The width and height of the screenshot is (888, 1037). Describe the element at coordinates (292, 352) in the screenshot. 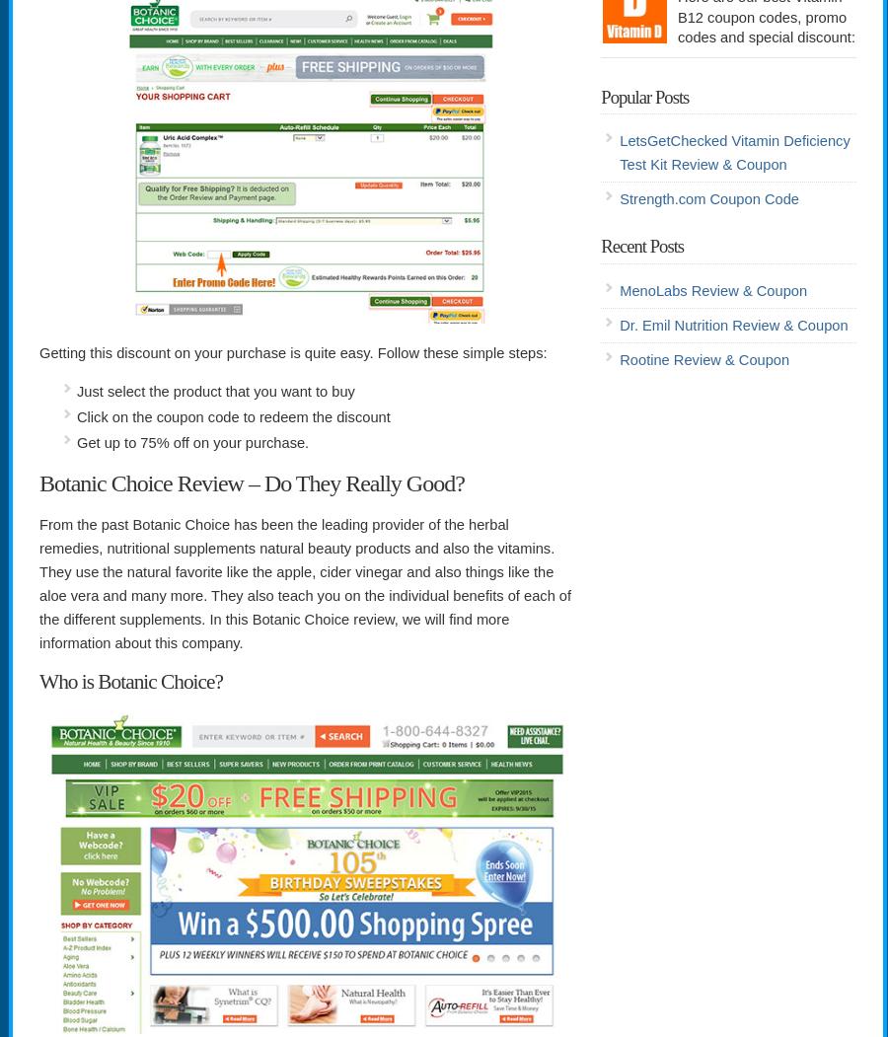

I see `'Getting this discount on your purchase is quite easy. Follow these simple steps:'` at that location.